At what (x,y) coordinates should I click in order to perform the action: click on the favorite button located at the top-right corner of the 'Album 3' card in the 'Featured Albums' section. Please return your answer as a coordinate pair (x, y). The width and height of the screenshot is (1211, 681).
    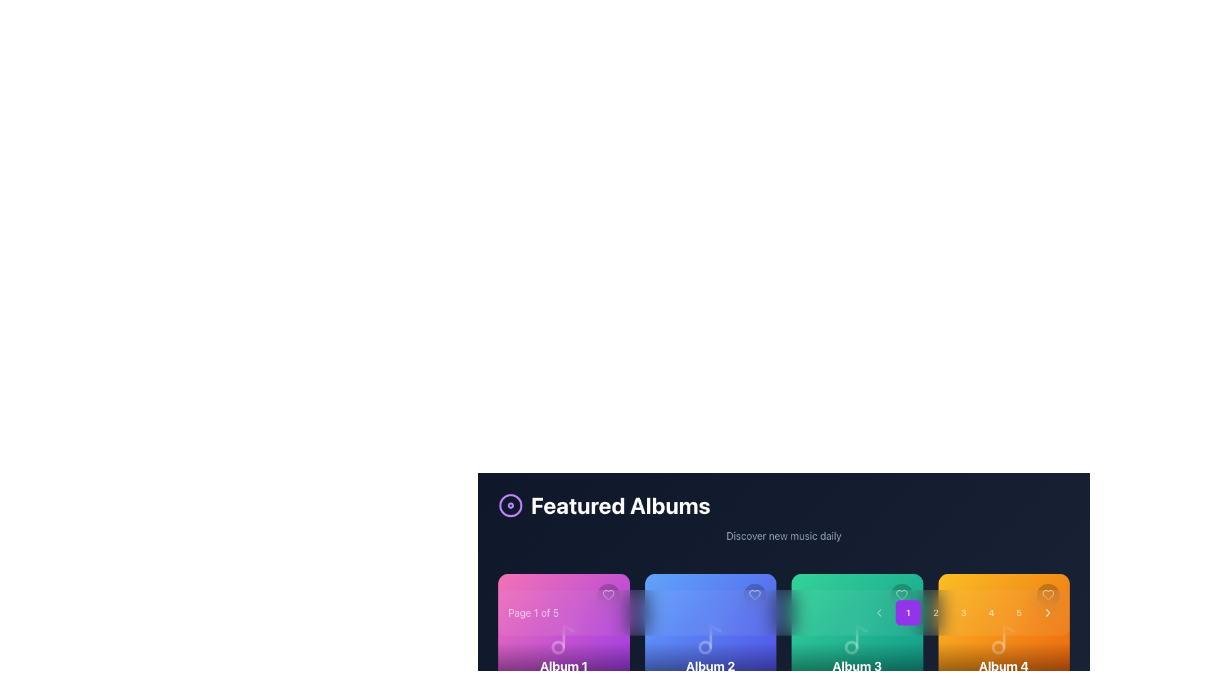
    Looking at the image, I should click on (901, 595).